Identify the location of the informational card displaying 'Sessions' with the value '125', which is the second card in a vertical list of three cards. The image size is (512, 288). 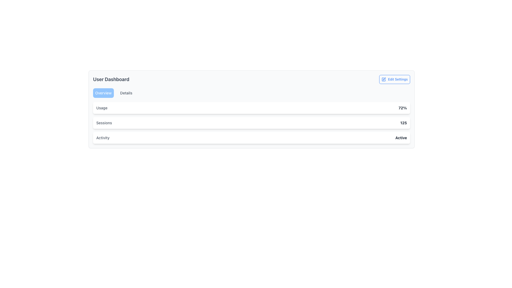
(251, 123).